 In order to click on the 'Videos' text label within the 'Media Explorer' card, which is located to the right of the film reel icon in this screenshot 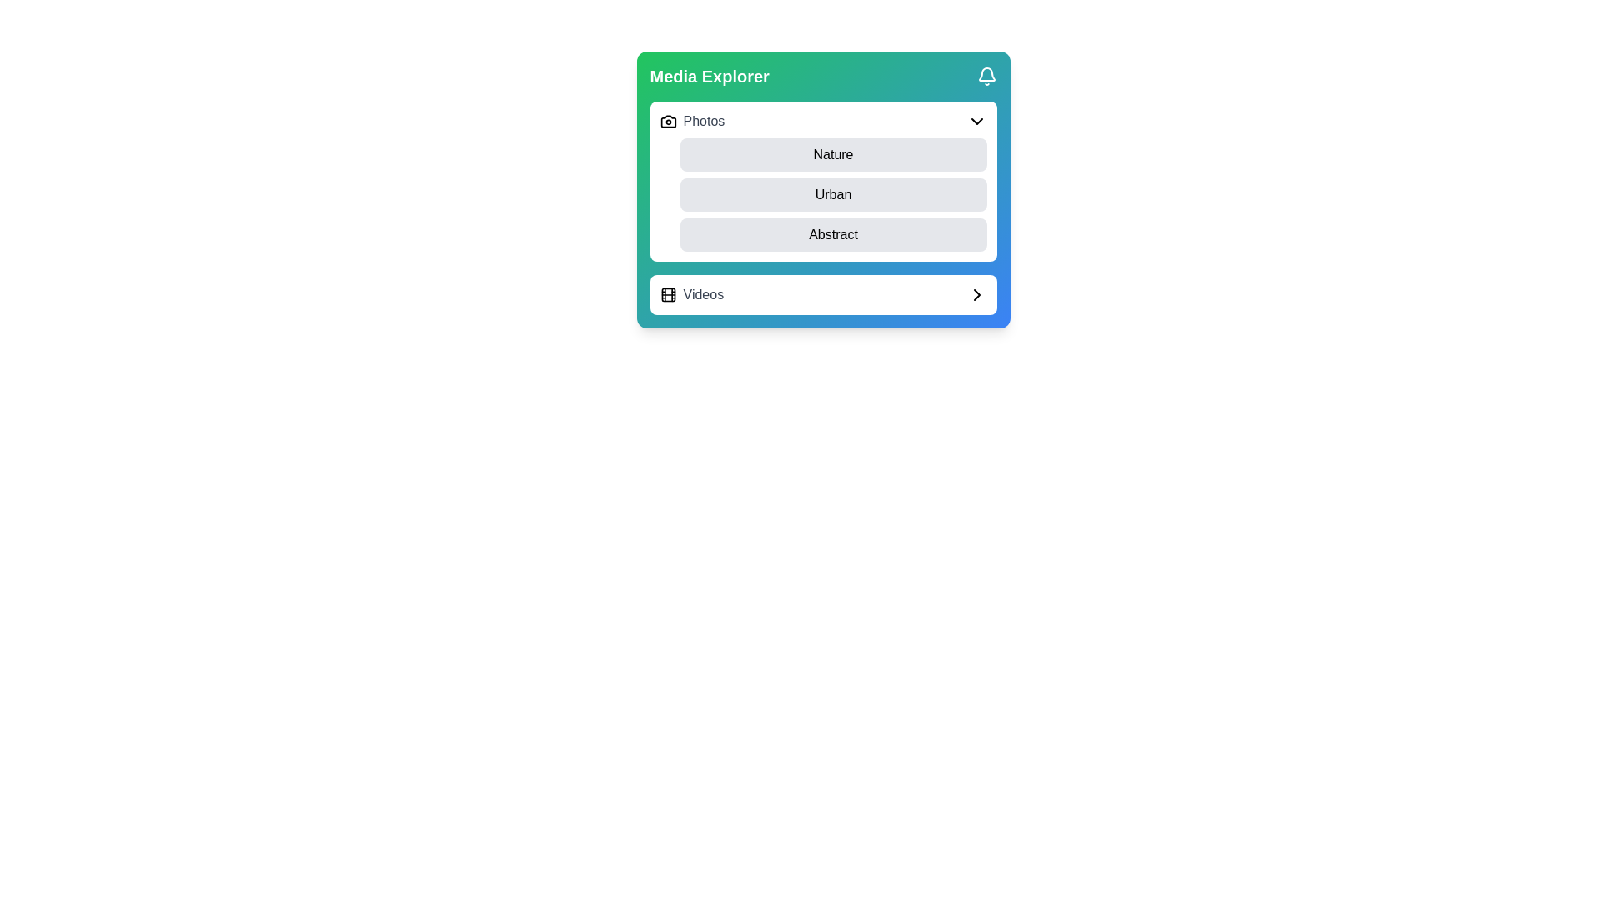, I will do `click(703, 294)`.